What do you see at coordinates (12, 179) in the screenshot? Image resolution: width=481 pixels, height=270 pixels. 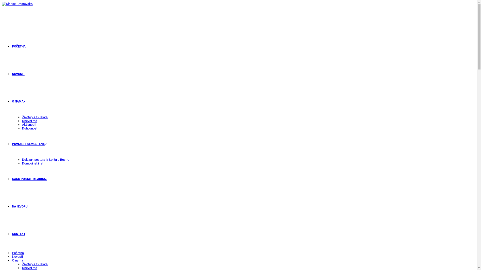 I see `'KAKO POSTATI KLARISA?'` at bounding box center [12, 179].